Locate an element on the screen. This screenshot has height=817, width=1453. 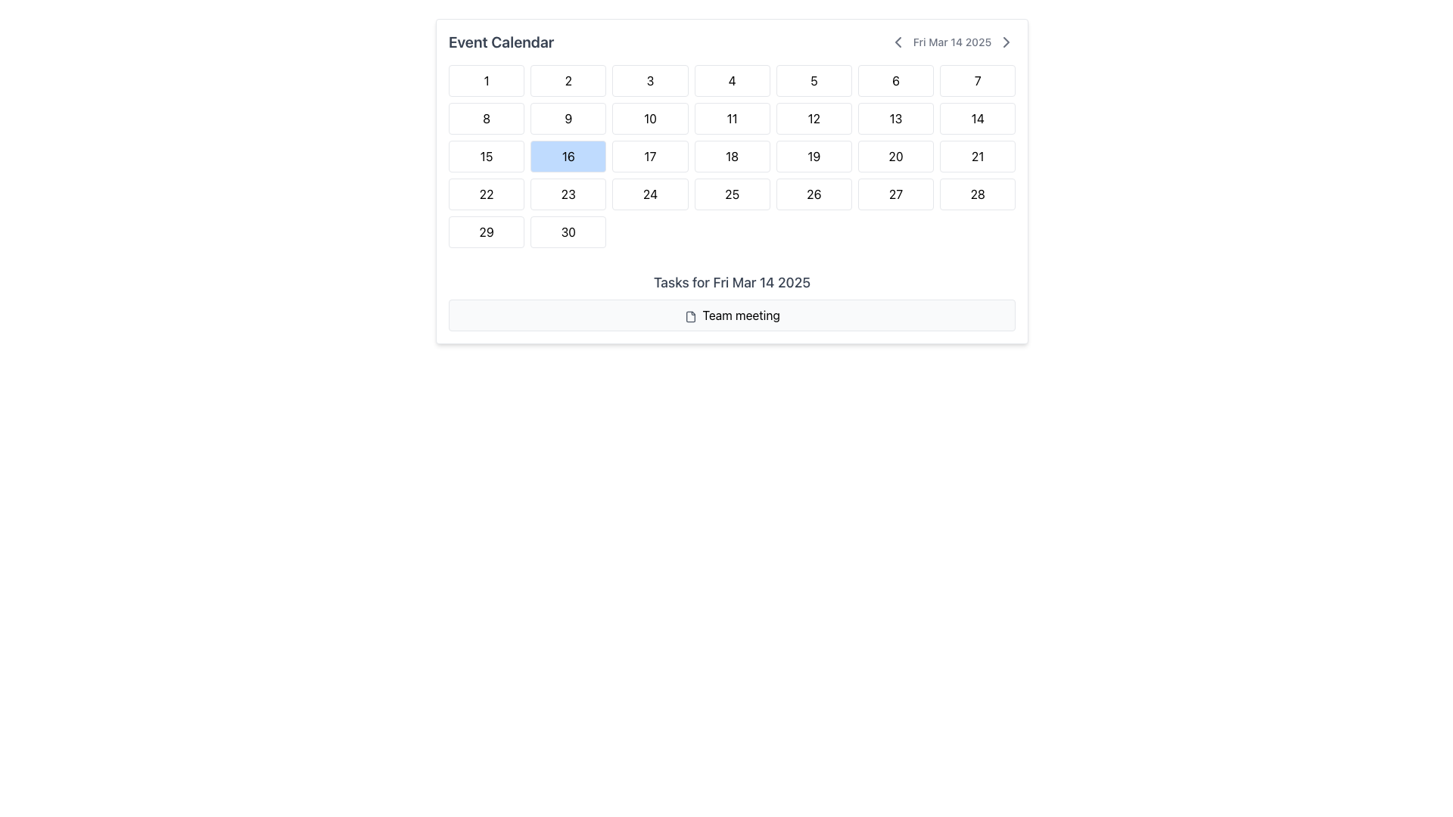
the button displaying the number '28' in the calendar grid is located at coordinates (978, 194).